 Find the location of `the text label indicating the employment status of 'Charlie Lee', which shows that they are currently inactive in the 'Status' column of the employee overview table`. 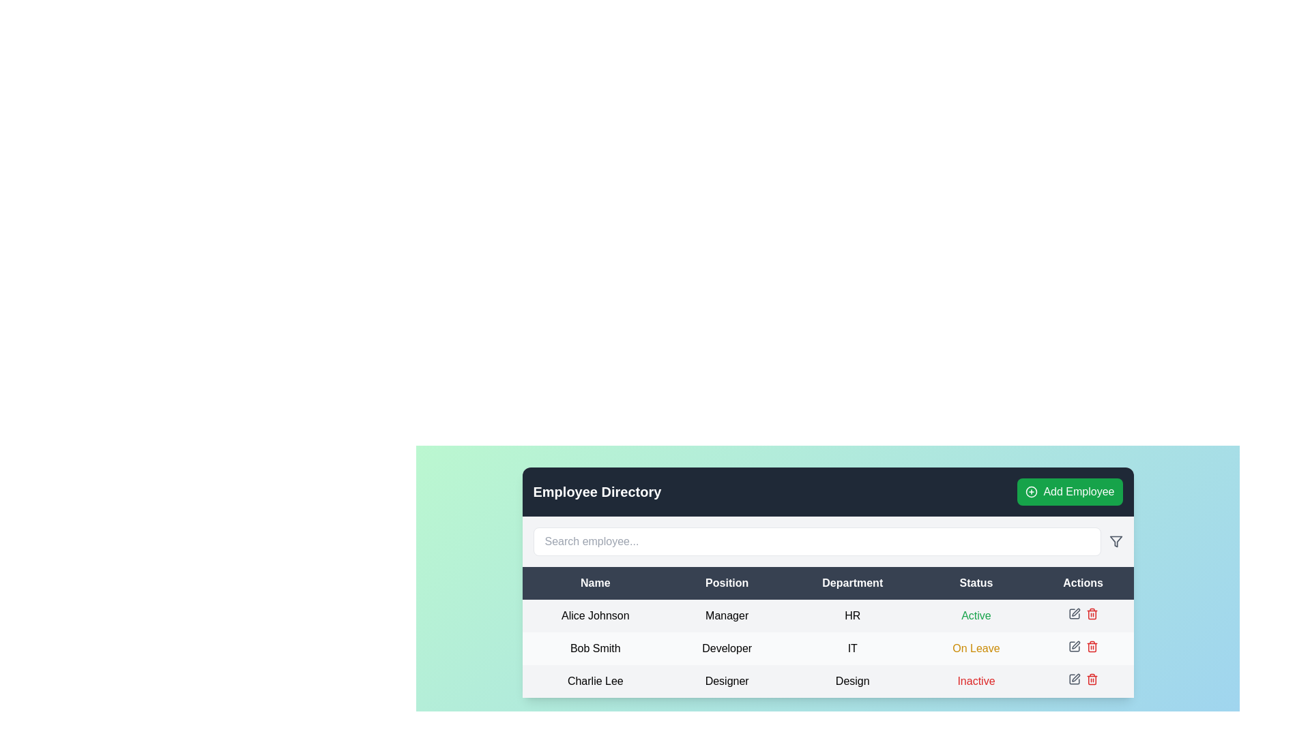

the text label indicating the employment status of 'Charlie Lee', which shows that they are currently inactive in the 'Status' column of the employee overview table is located at coordinates (975, 681).